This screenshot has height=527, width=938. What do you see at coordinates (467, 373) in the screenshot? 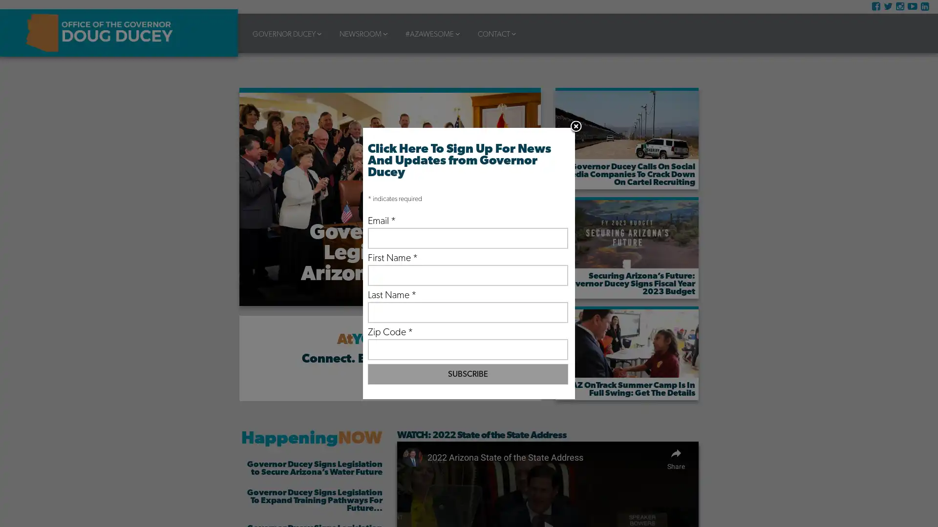
I see `Subscribe` at bounding box center [467, 373].